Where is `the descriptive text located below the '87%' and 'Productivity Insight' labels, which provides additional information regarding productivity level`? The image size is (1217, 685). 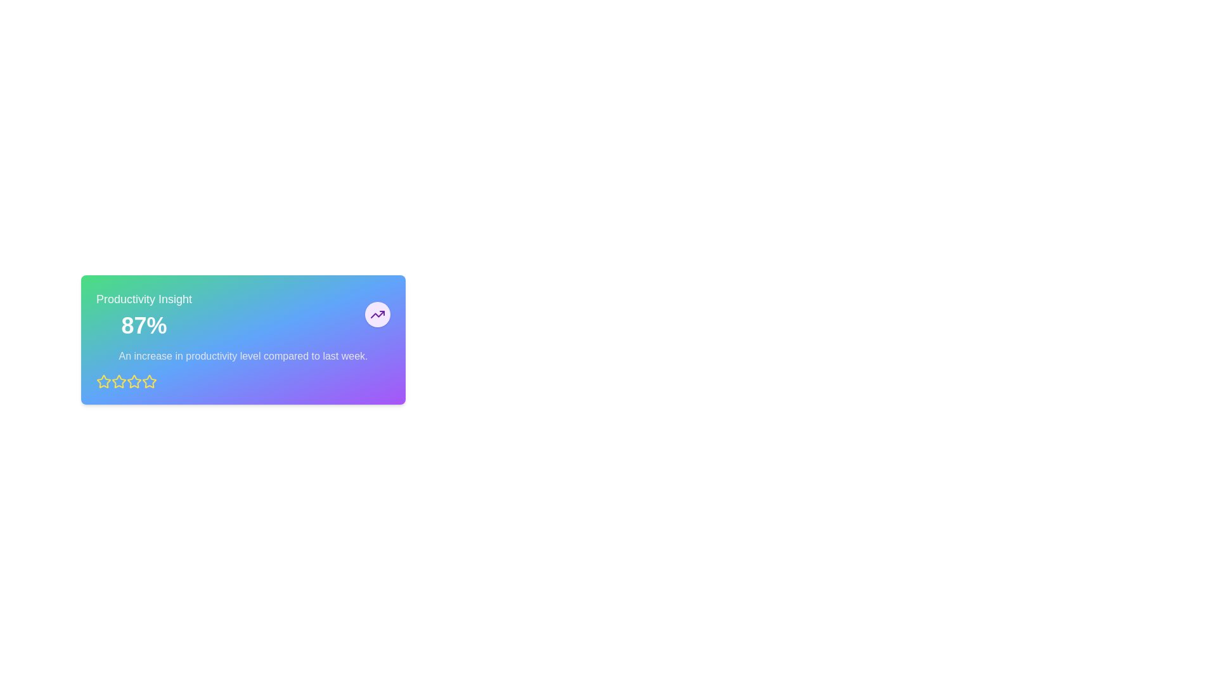
the descriptive text located below the '87%' and 'Productivity Insight' labels, which provides additional information regarding productivity level is located at coordinates (243, 356).